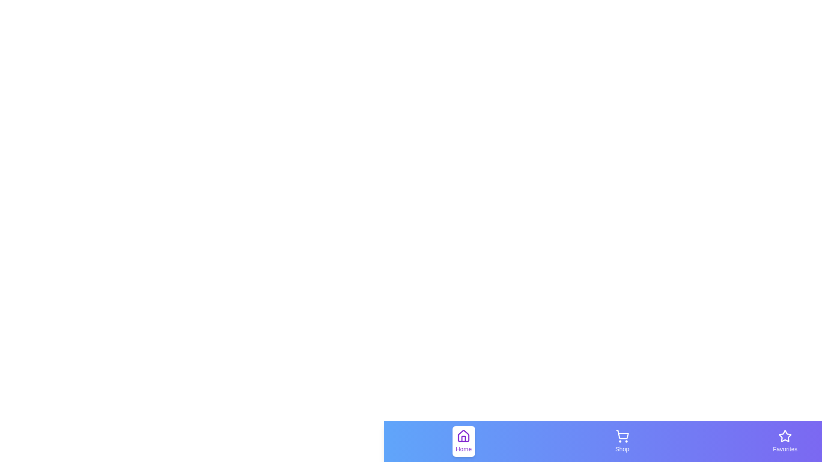 This screenshot has height=462, width=822. Describe the element at coordinates (463, 441) in the screenshot. I see `the Home tab to see its hover effect` at that location.